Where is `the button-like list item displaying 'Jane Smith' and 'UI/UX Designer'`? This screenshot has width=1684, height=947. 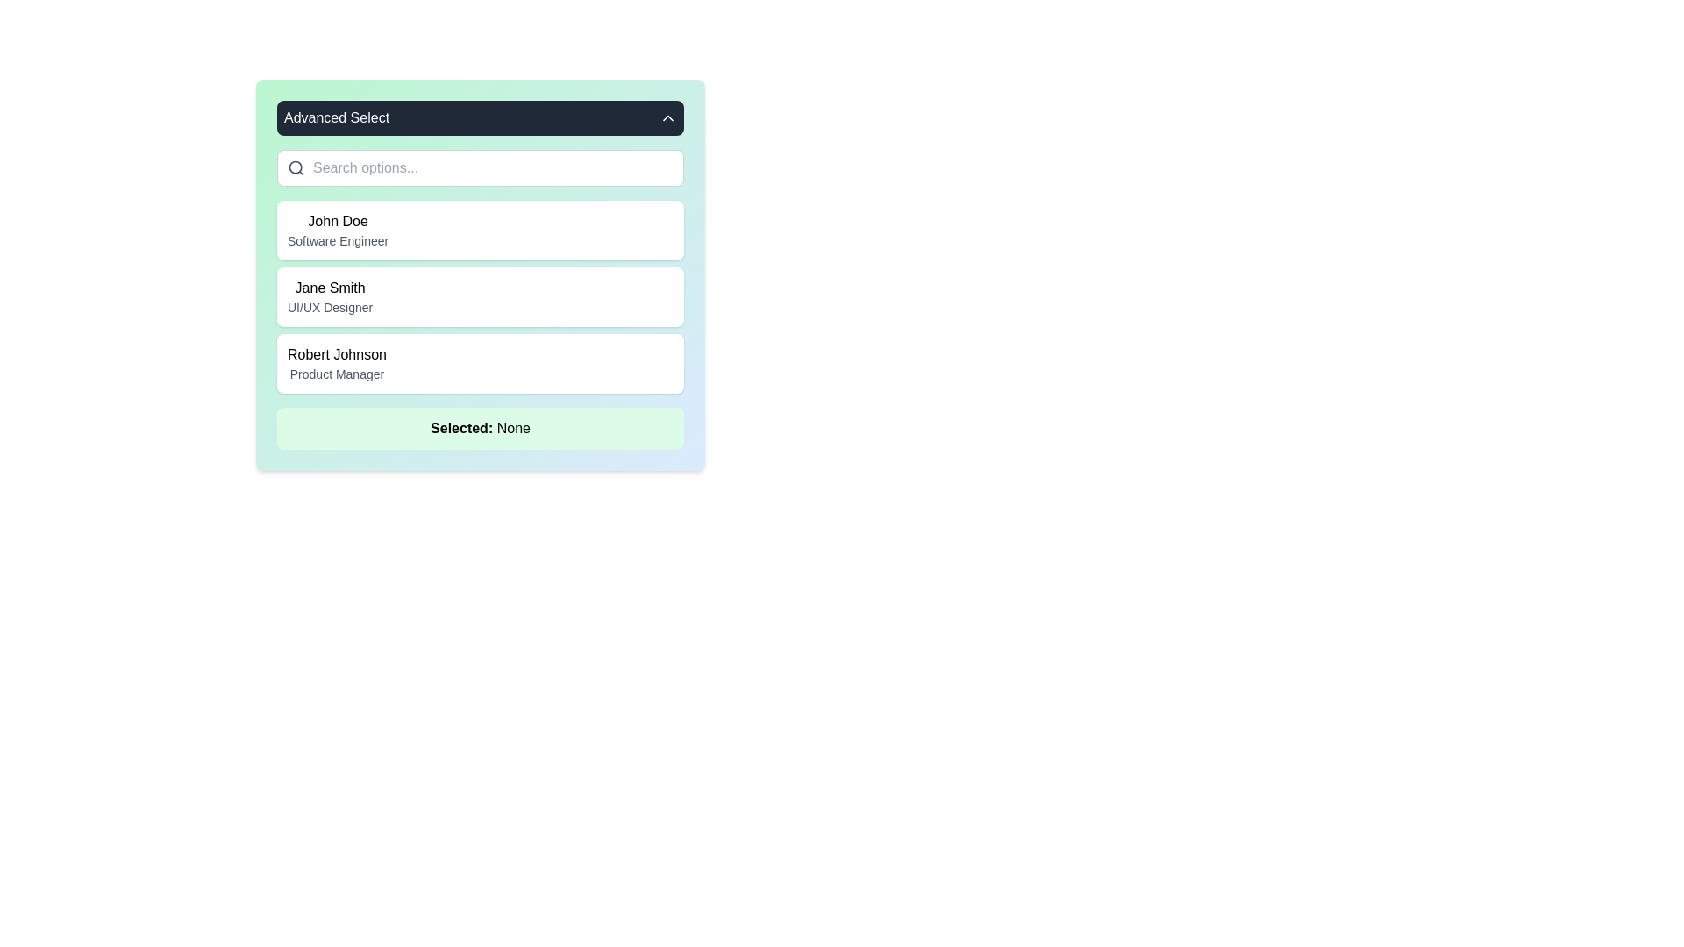 the button-like list item displaying 'Jane Smith' and 'UI/UX Designer' is located at coordinates (480, 274).